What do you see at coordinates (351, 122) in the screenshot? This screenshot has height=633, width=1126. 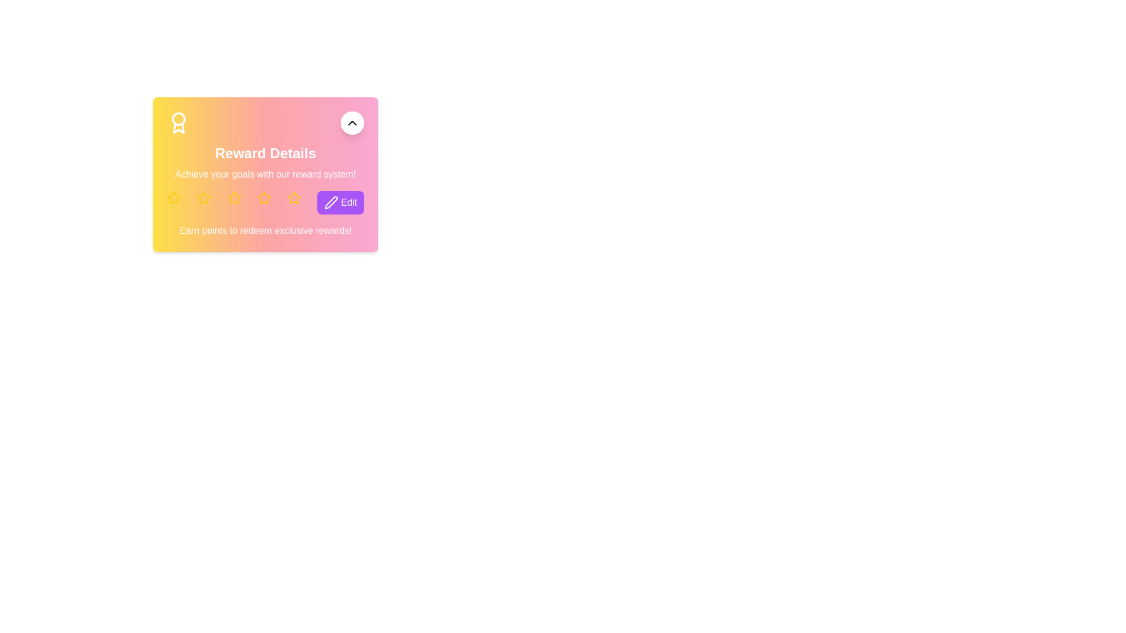 I see `the toggle button located at the top right corner of the 'Reward Details' section to show or hide additional content` at bounding box center [351, 122].